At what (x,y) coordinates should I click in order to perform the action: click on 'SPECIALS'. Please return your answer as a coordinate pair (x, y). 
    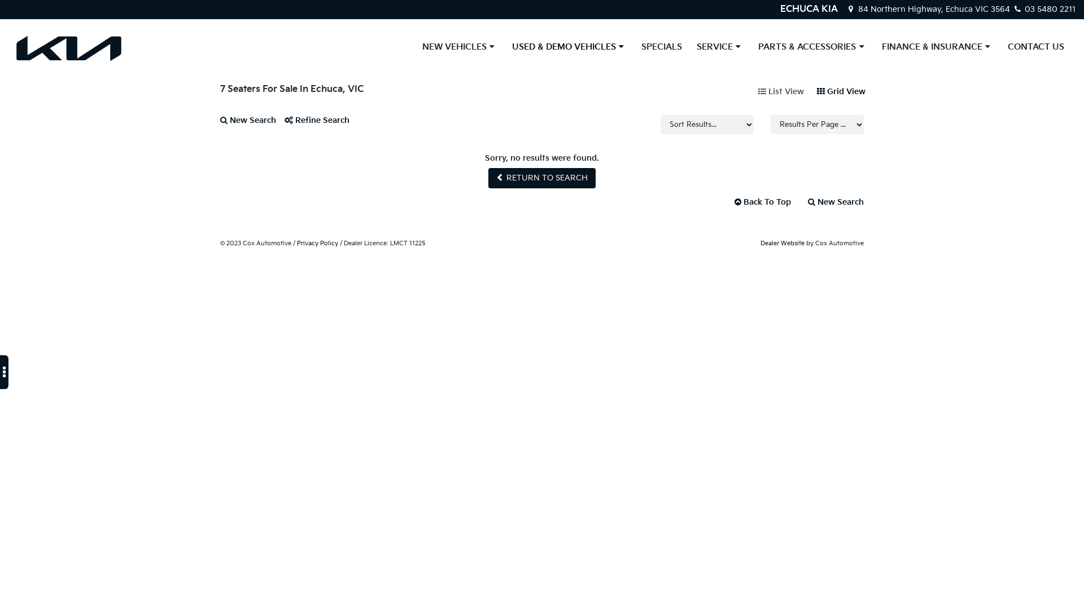
    Looking at the image, I should click on (661, 47).